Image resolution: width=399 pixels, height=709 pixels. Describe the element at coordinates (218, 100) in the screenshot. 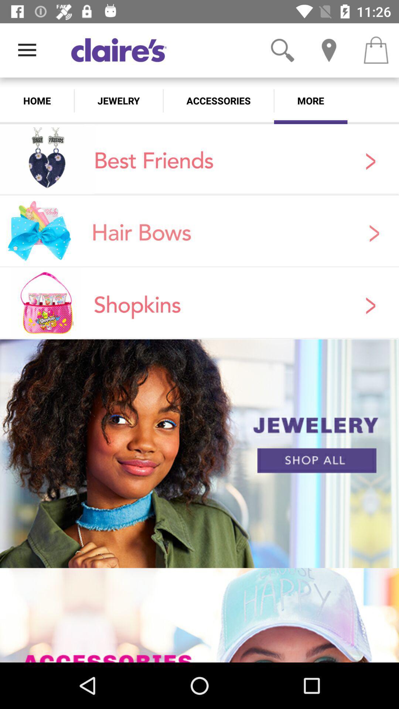

I see `the accessories icon` at that location.